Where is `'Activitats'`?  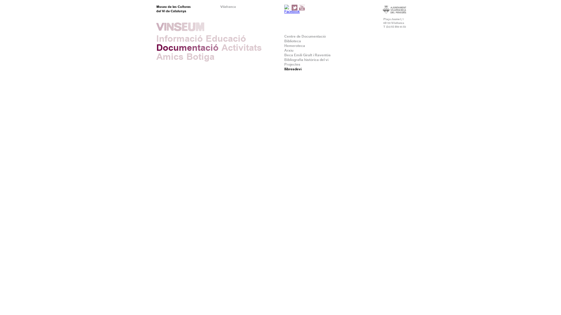 'Activitats' is located at coordinates (241, 47).